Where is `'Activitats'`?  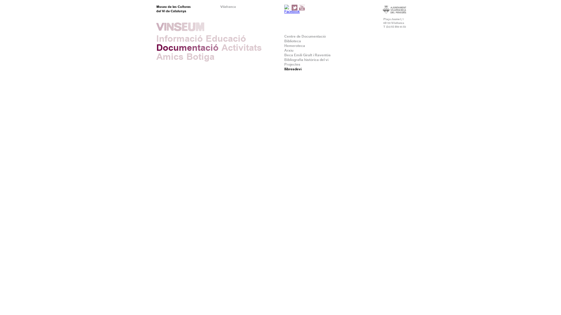 'Activitats' is located at coordinates (241, 47).